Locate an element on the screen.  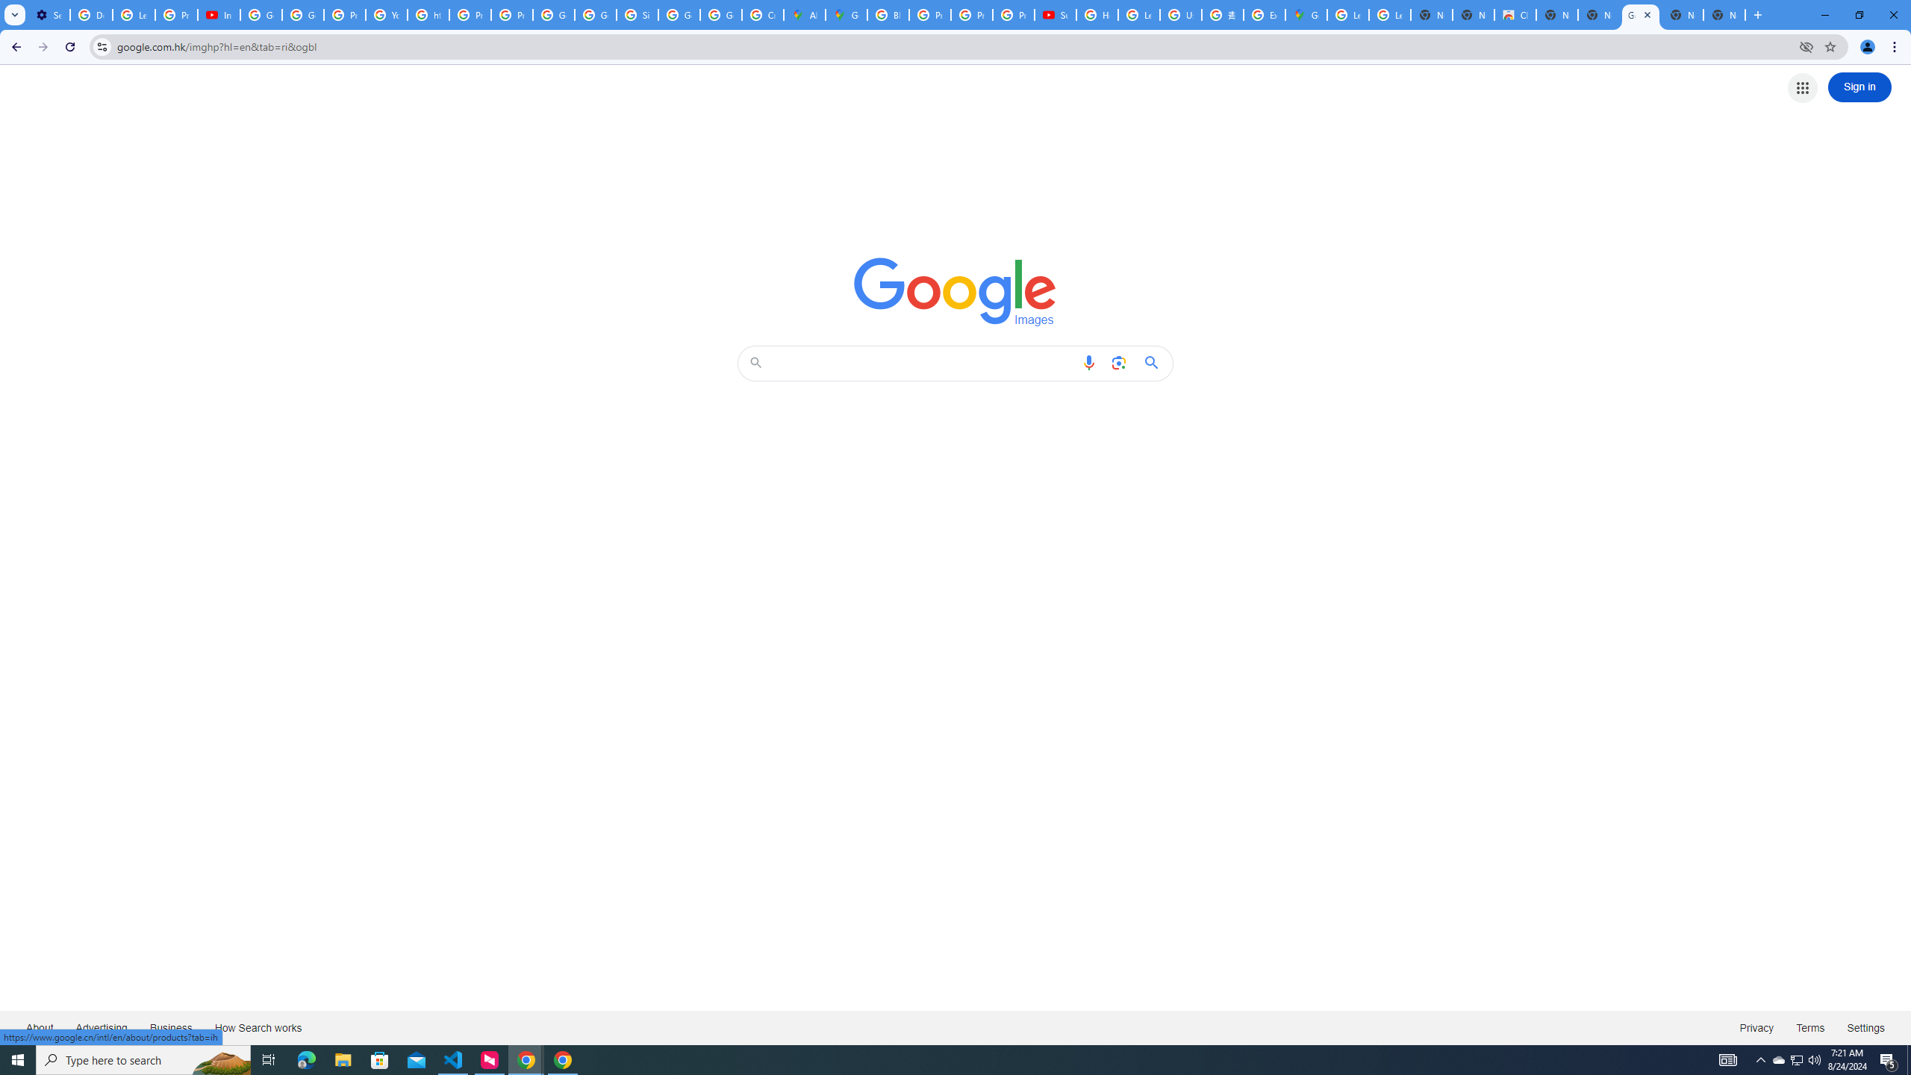
'Blogger Policies and Guidelines - Transparency Center' is located at coordinates (888, 14).